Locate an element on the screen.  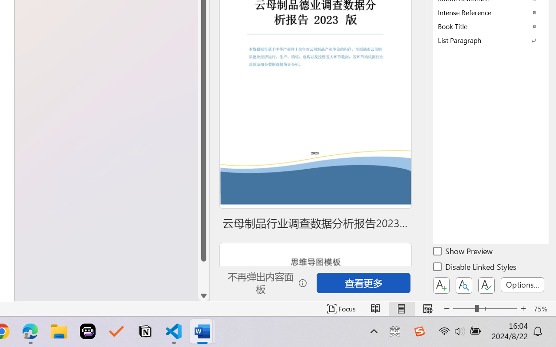
'Focus ' is located at coordinates (341, 308).